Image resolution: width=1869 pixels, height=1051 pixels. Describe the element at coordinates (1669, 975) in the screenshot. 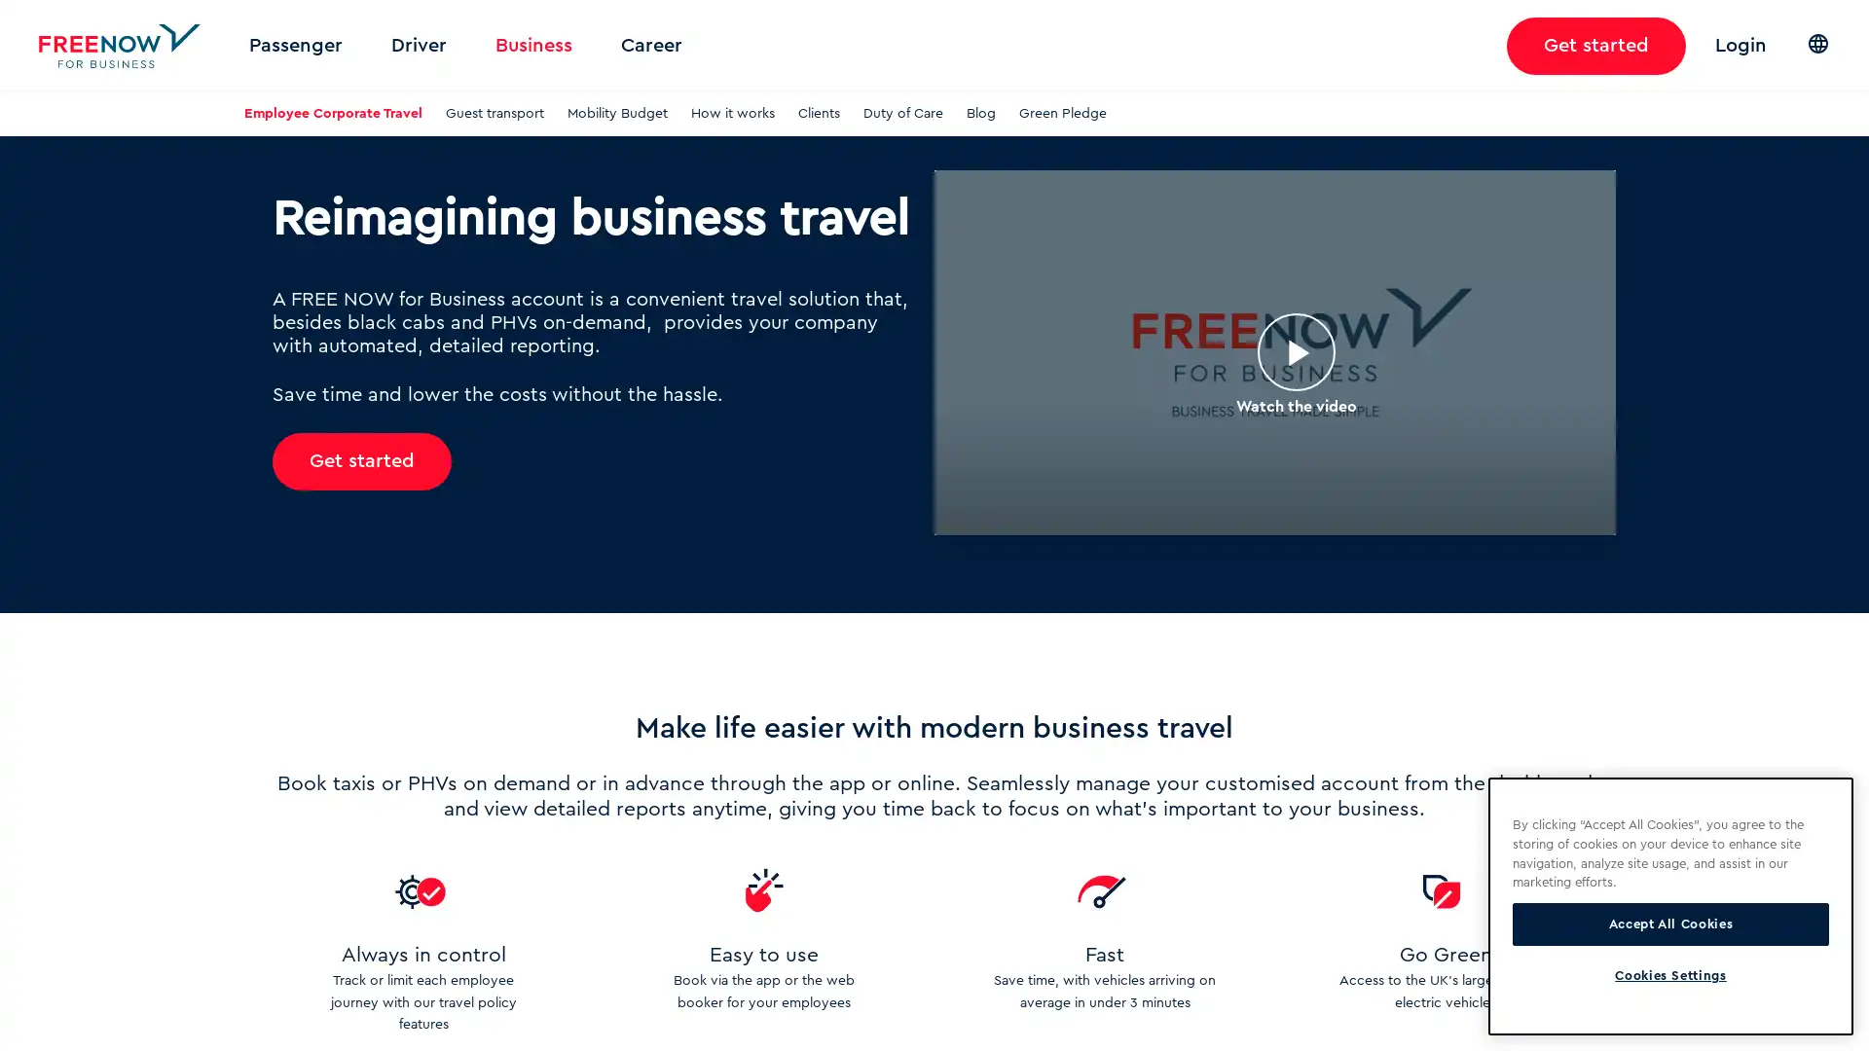

I see `Cookies Settings` at that location.